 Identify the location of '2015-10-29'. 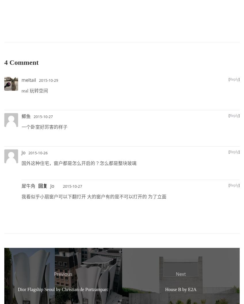
(48, 80).